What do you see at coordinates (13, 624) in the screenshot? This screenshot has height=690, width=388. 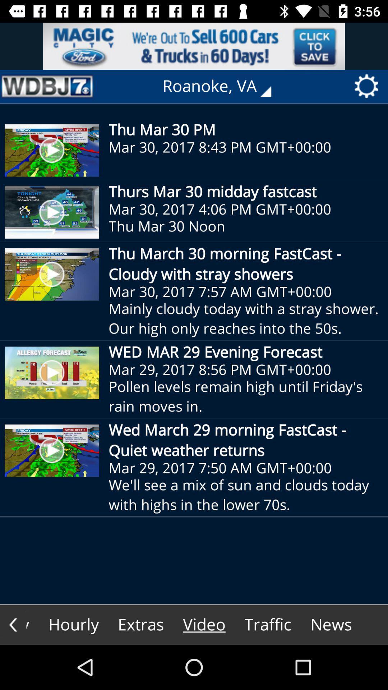 I see `go back` at bounding box center [13, 624].